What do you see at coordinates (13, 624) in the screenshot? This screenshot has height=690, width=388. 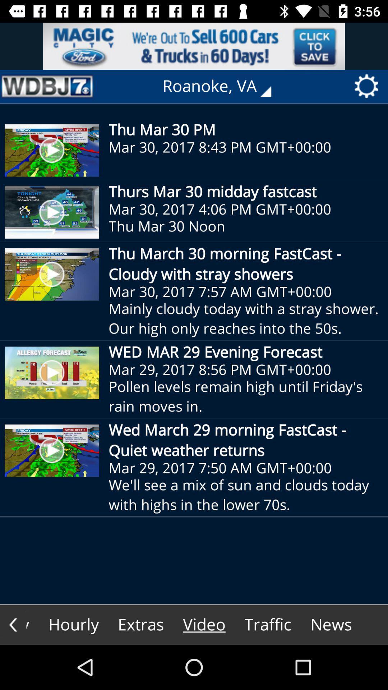 I see `go back` at bounding box center [13, 624].